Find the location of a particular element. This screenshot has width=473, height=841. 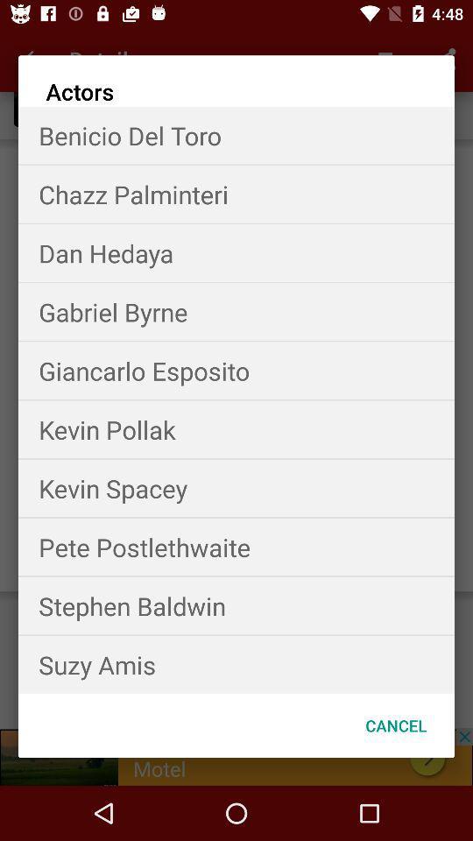

the    kevin spacey is located at coordinates (236, 488).